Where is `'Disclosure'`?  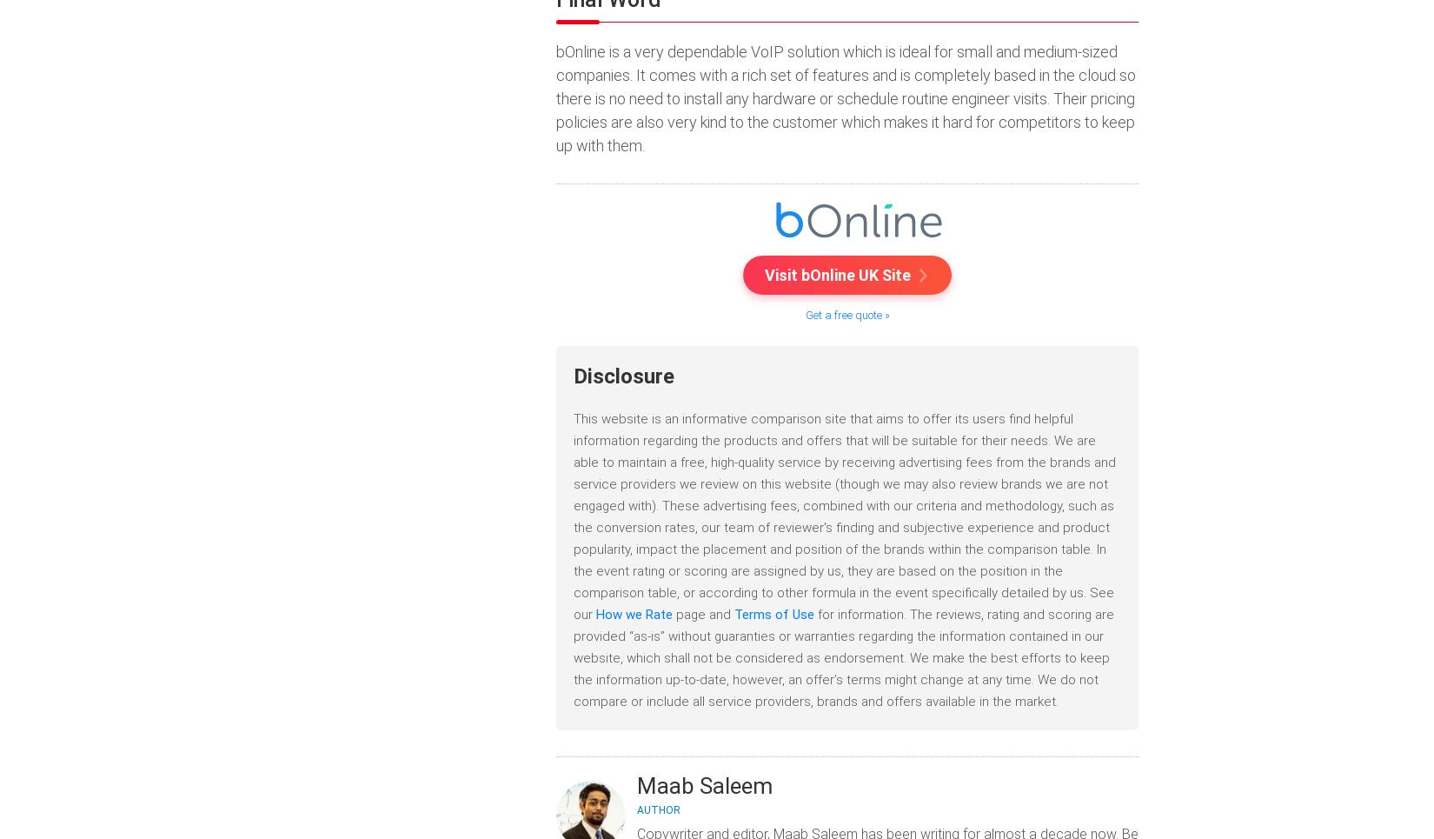 'Disclosure' is located at coordinates (623, 376).